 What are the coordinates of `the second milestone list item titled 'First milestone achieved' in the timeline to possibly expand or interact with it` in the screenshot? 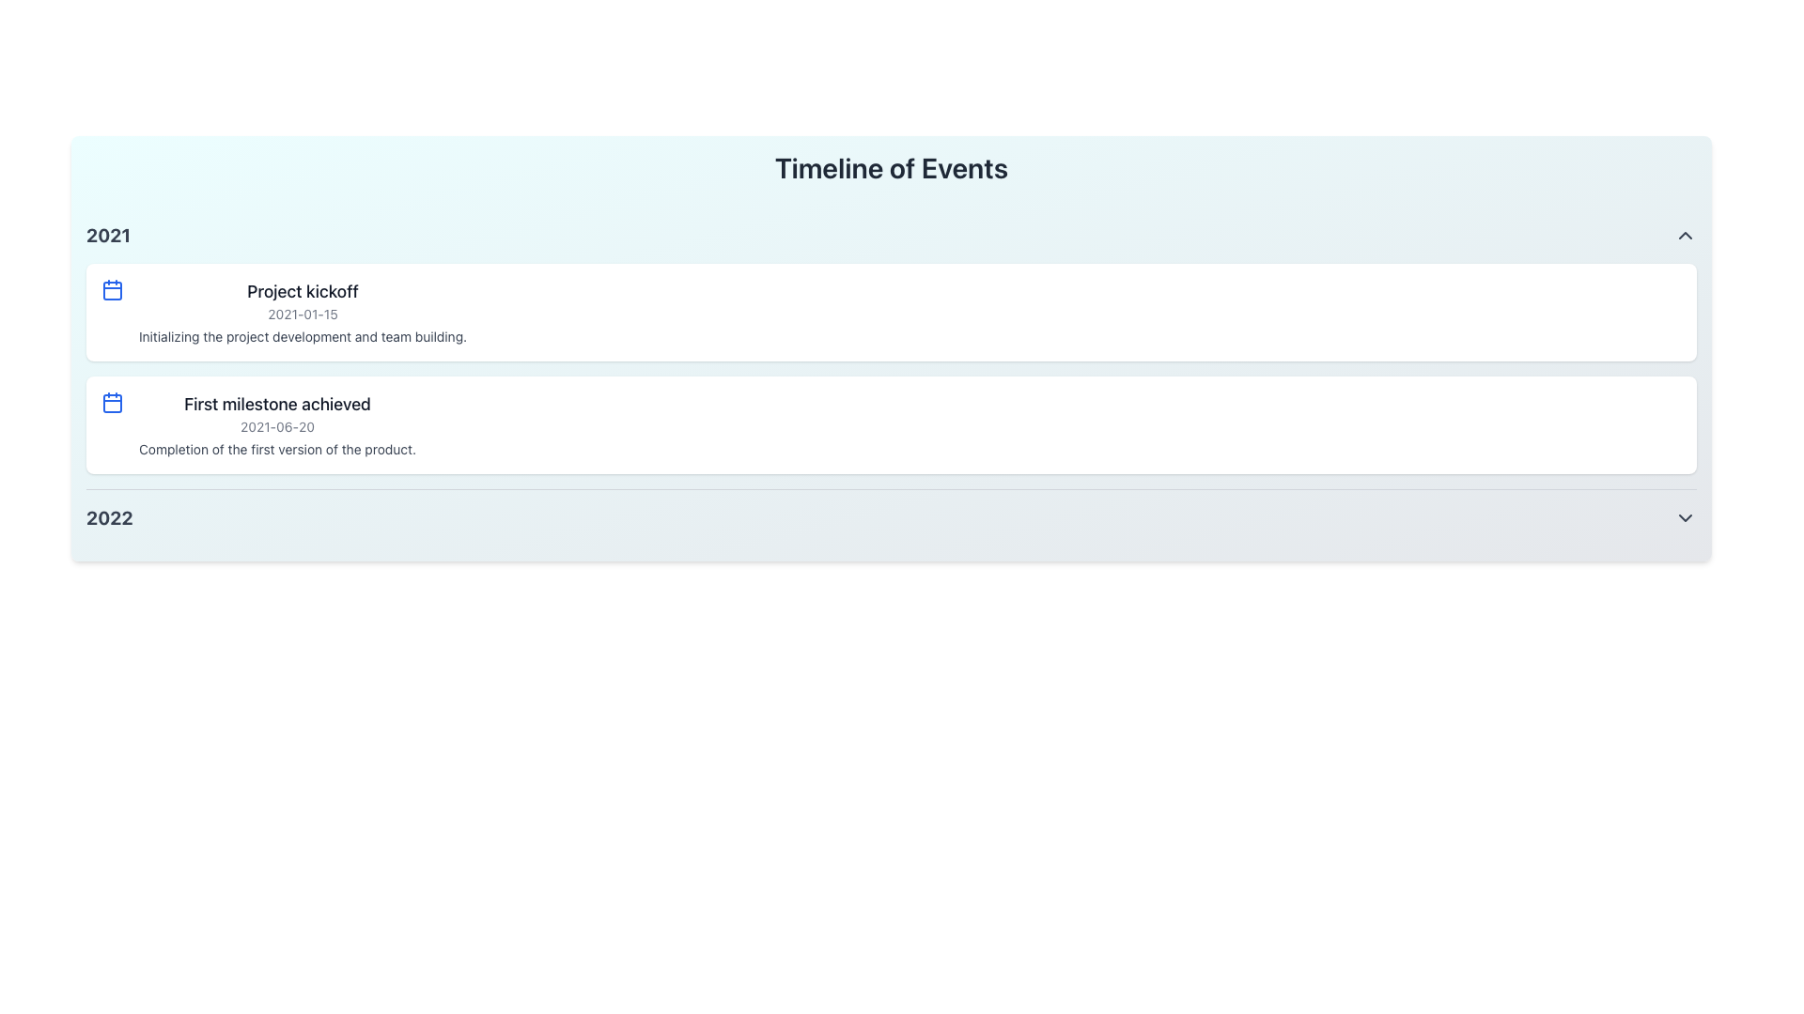 It's located at (276, 424).